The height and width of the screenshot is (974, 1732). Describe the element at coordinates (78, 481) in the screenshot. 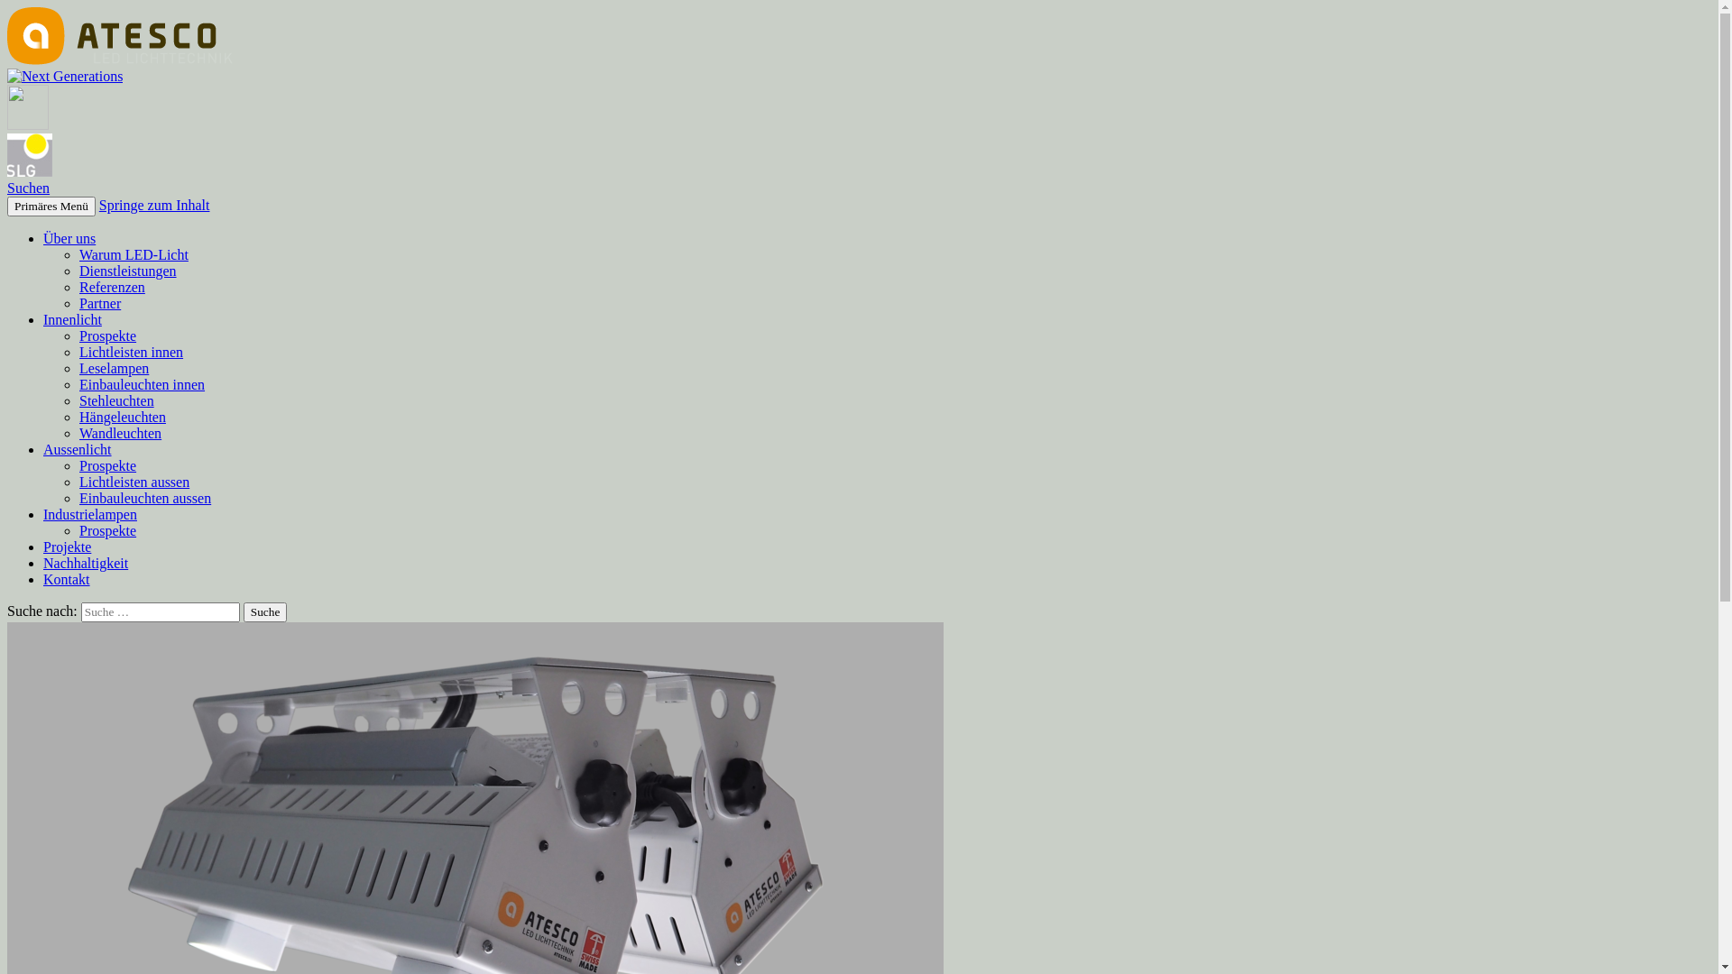

I see `'Lichtleisten aussen'` at that location.